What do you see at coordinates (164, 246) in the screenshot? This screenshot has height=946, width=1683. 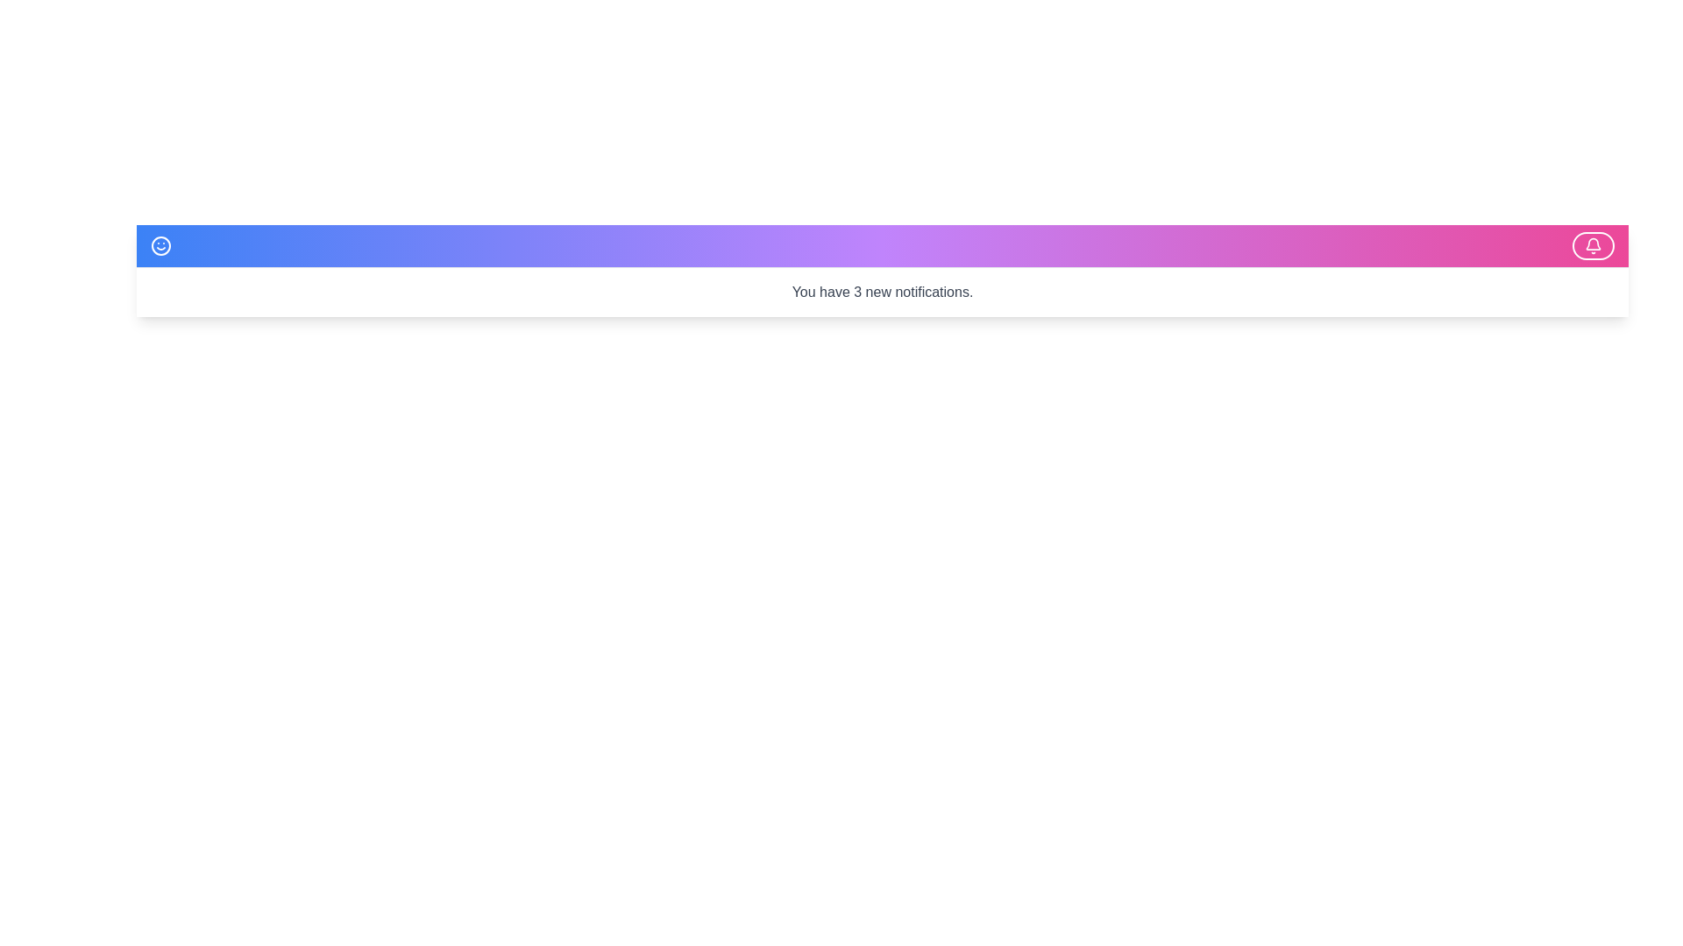 I see `the decorative or functional icon located at the far left of the top UI section` at bounding box center [164, 246].